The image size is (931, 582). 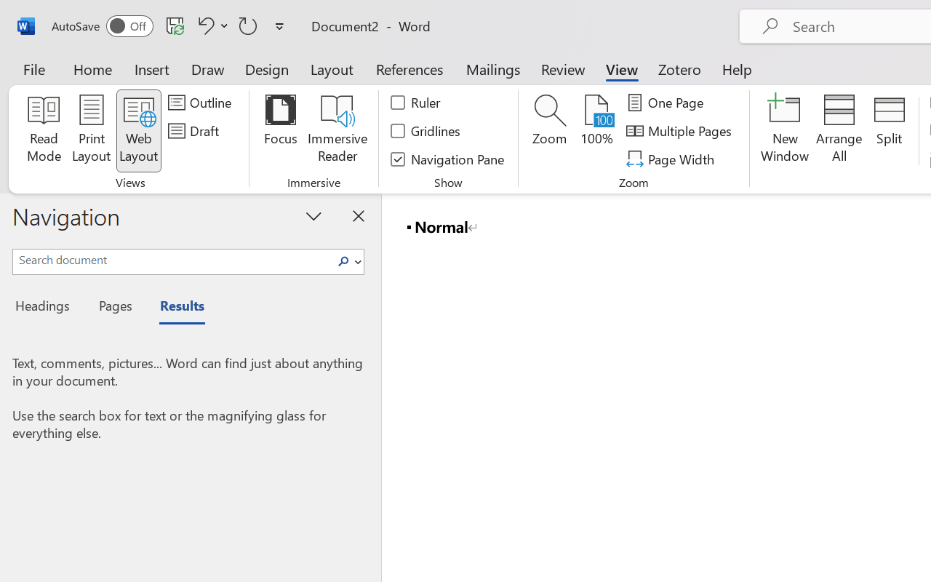 I want to click on 'Search', so click(x=343, y=262).